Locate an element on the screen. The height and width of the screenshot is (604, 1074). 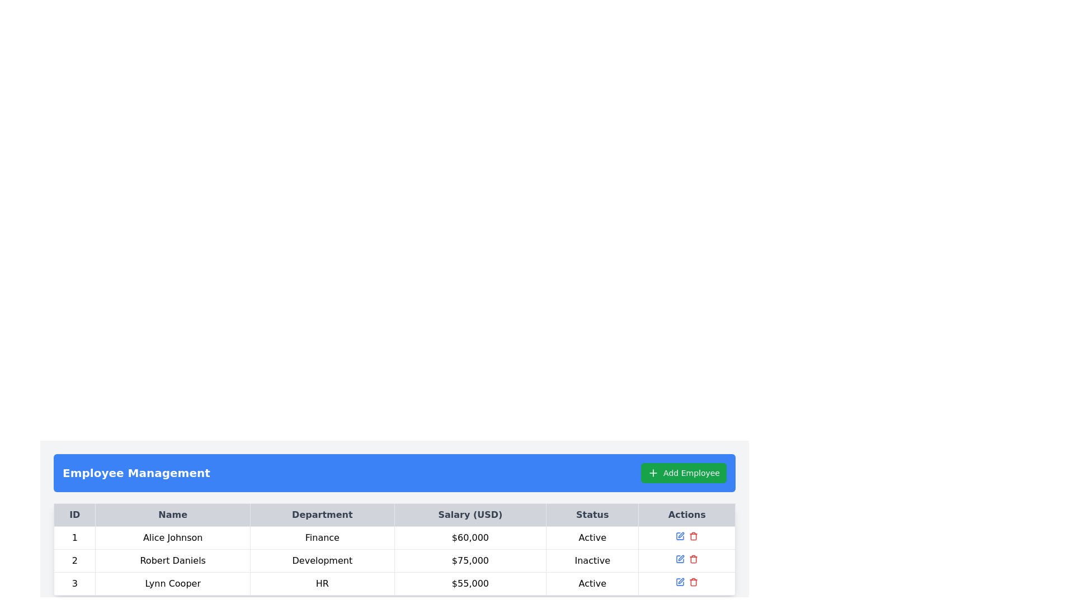
the numeric textual indicator displaying the number '1' is located at coordinates (74, 537).